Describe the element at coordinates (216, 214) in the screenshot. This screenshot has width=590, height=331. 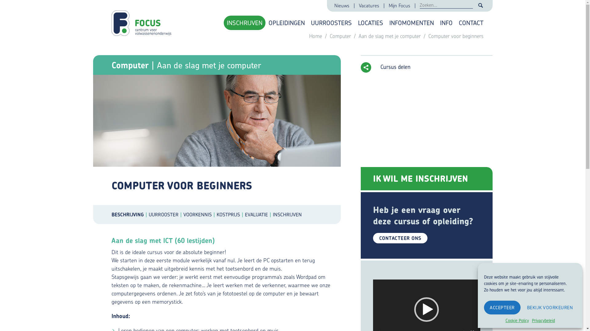
I see `'KOSTPRIJS'` at that location.